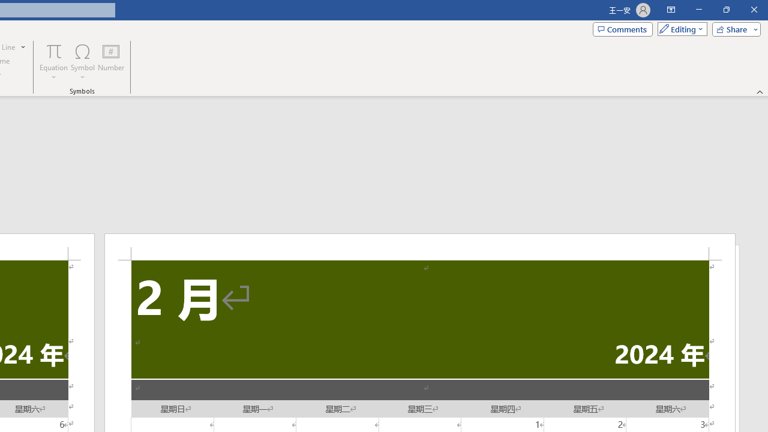 This screenshot has height=432, width=768. Describe the element at coordinates (623, 28) in the screenshot. I see `'Comments'` at that location.